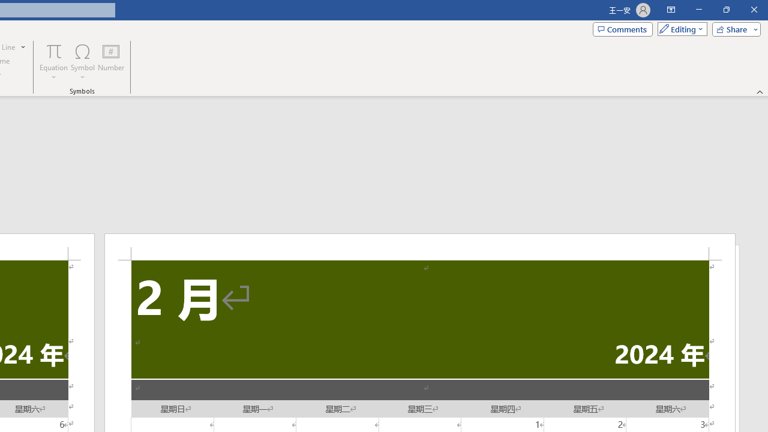 This screenshot has height=432, width=768. Describe the element at coordinates (623, 28) in the screenshot. I see `'Comments'` at that location.